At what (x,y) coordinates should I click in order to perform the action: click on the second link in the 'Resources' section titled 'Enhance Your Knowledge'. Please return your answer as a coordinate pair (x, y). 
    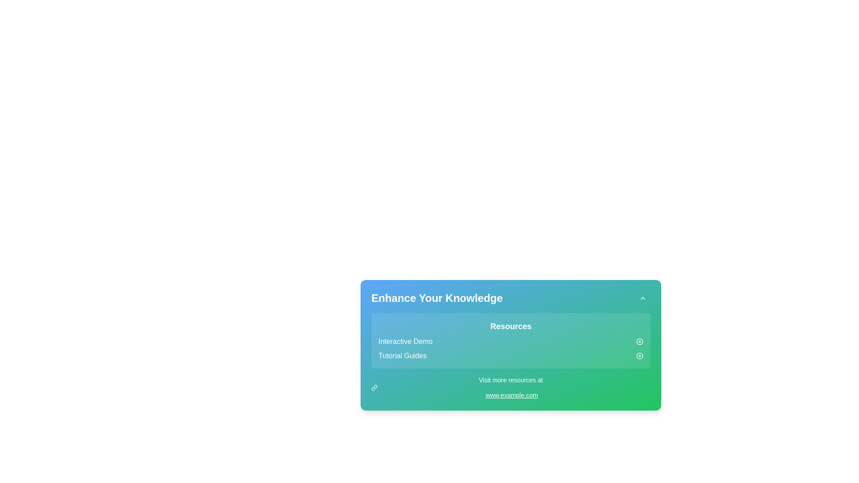
    Looking at the image, I should click on (511, 355).